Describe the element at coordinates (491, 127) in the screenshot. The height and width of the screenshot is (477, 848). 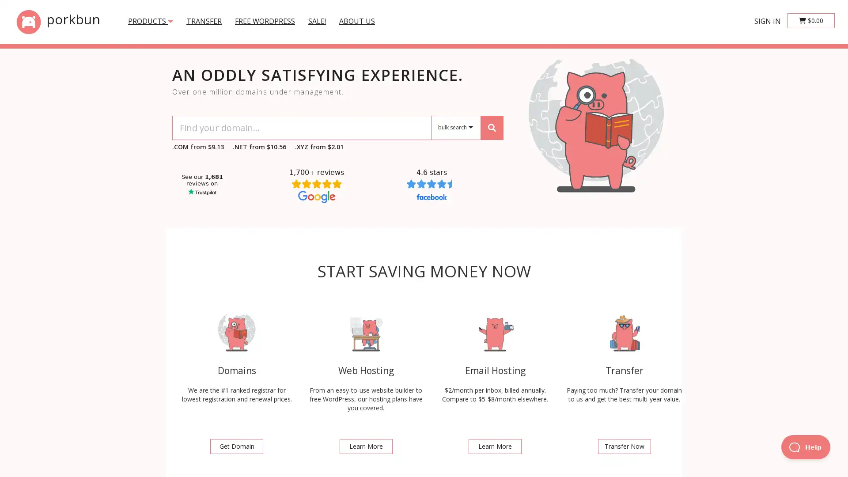
I see `submit search` at that location.